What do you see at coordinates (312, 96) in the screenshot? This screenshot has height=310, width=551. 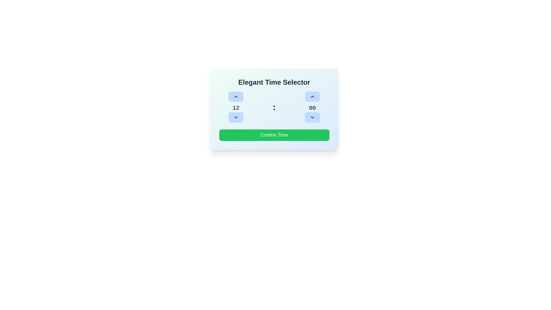 I see `the topmost button in the right time adjustment column to increment the time value associated with it` at bounding box center [312, 96].